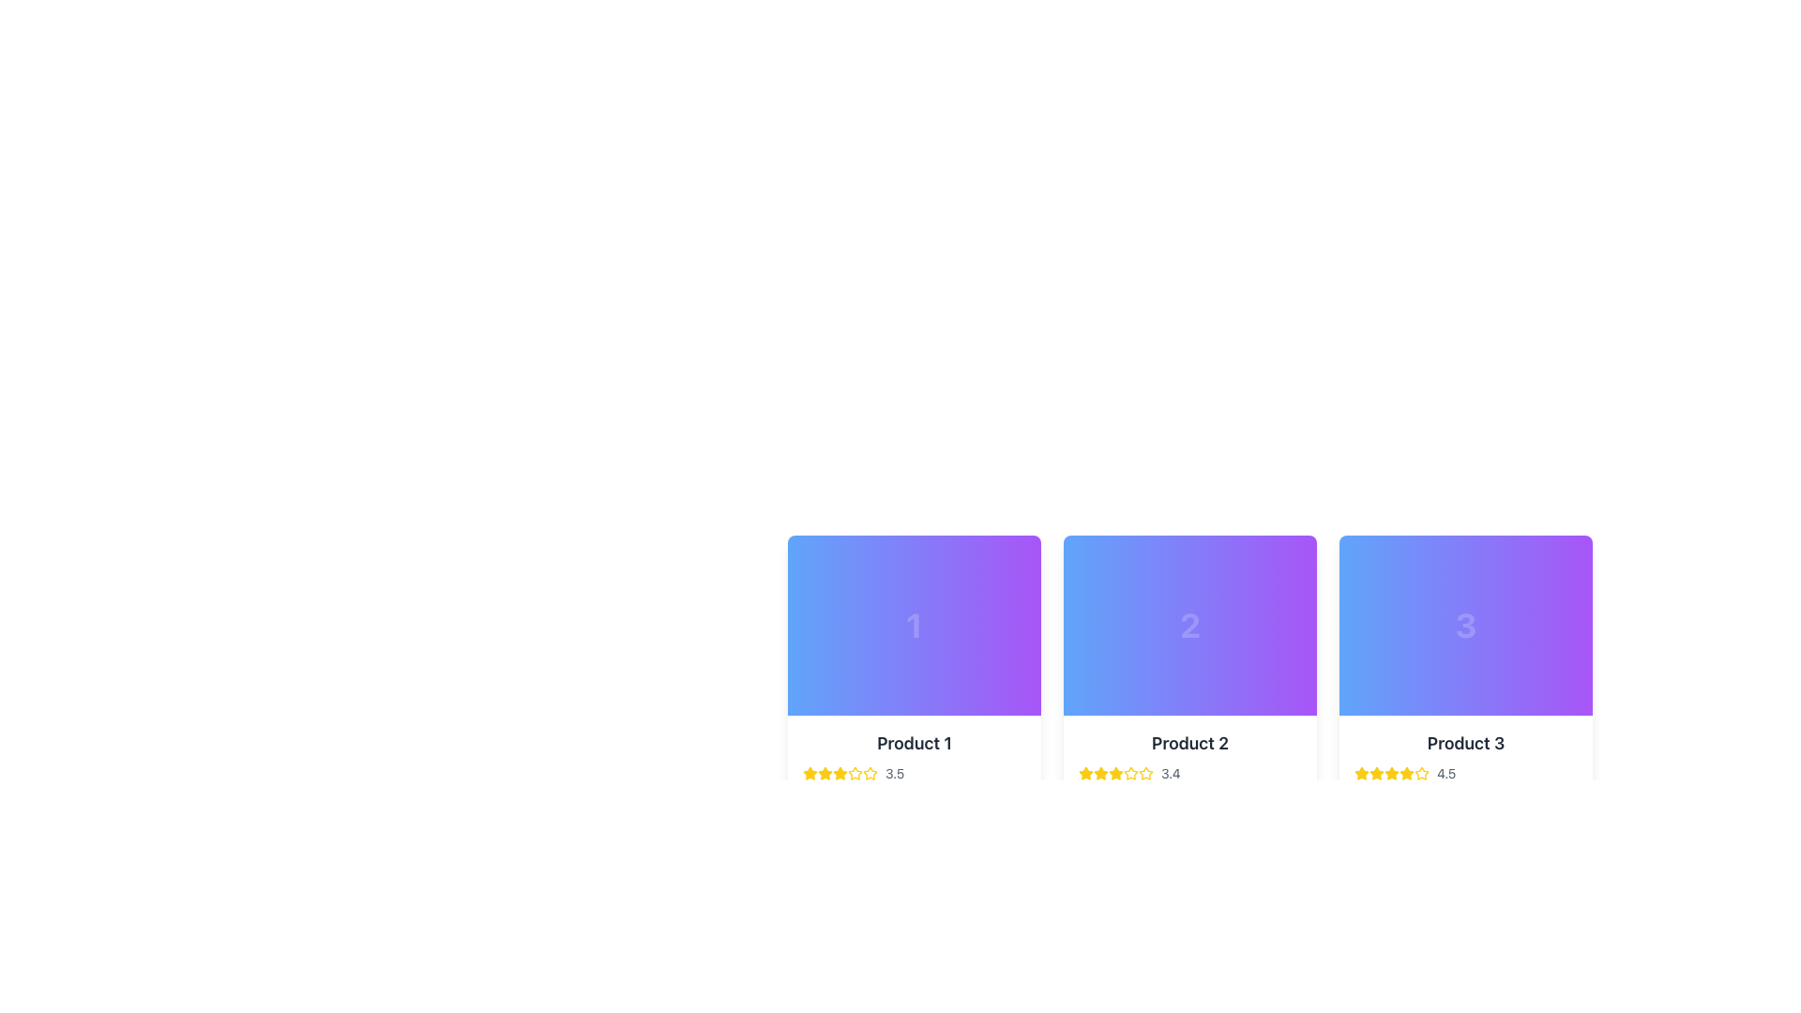 Image resolution: width=1801 pixels, height=1013 pixels. I want to click on the fifth star in the rating system under 'Product 1' to rate it, so click(855, 774).